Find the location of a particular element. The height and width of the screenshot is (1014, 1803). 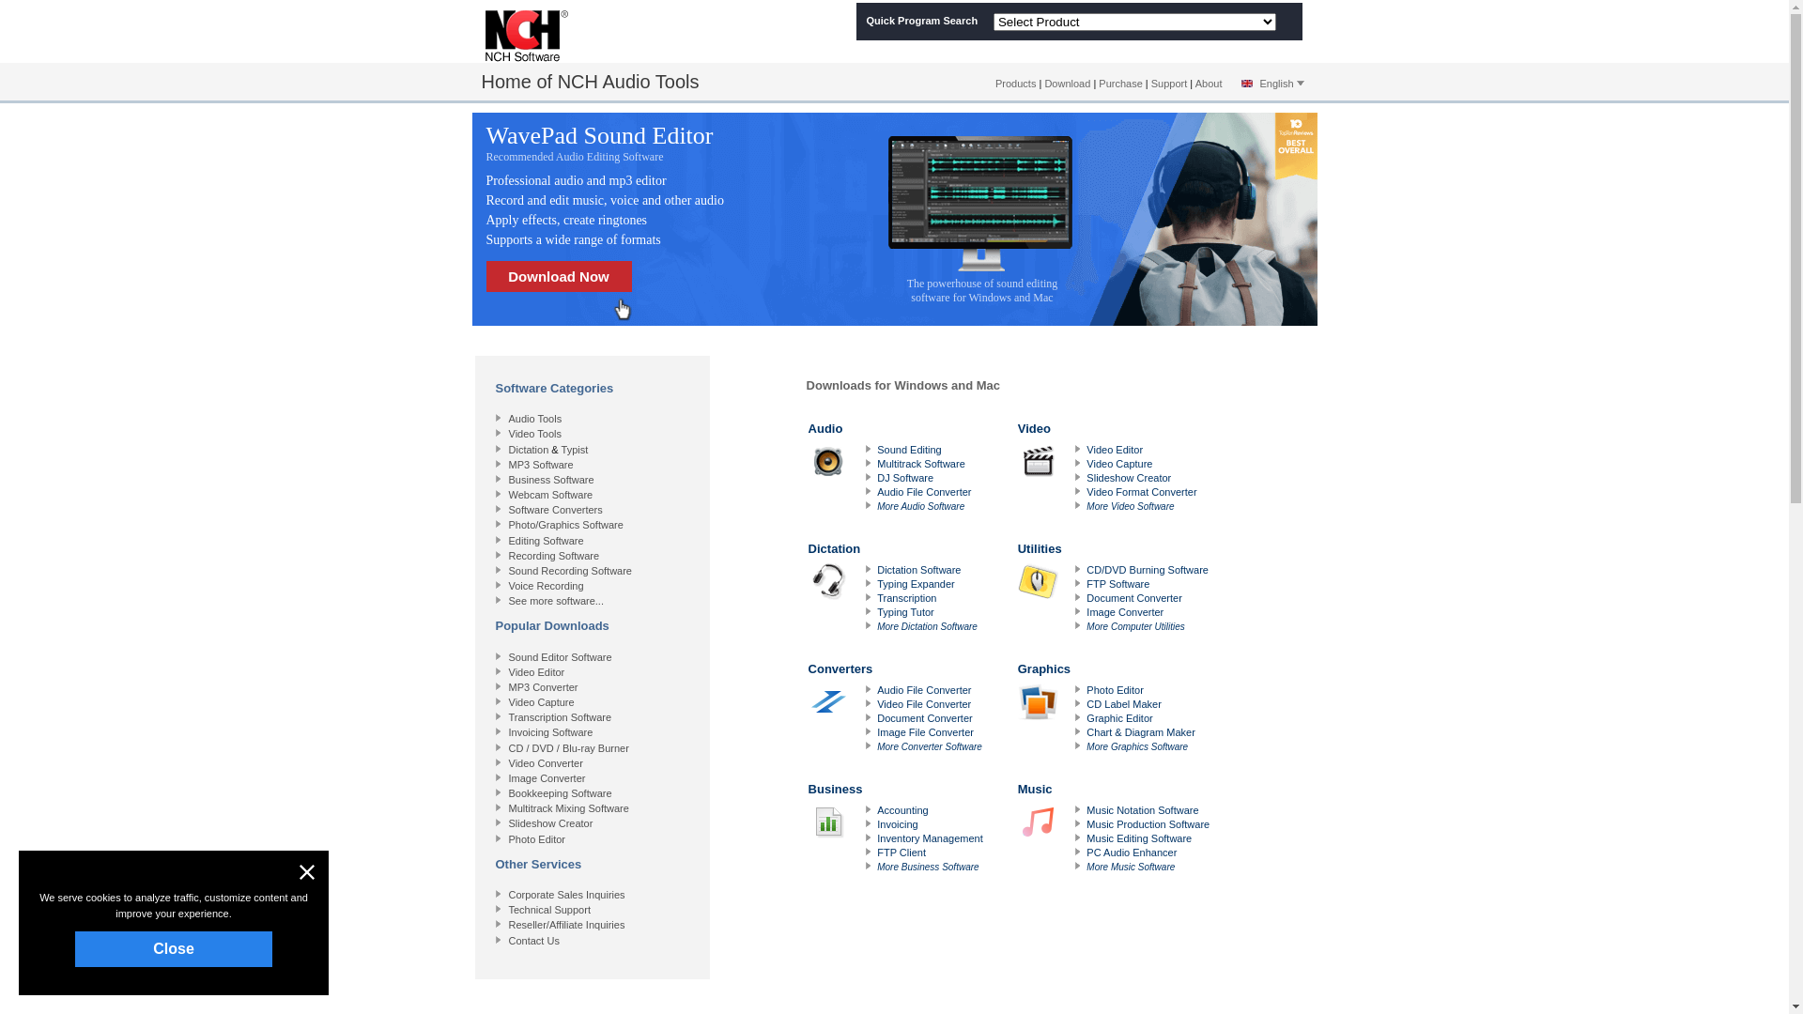

'Transcription' is located at coordinates (906, 597).